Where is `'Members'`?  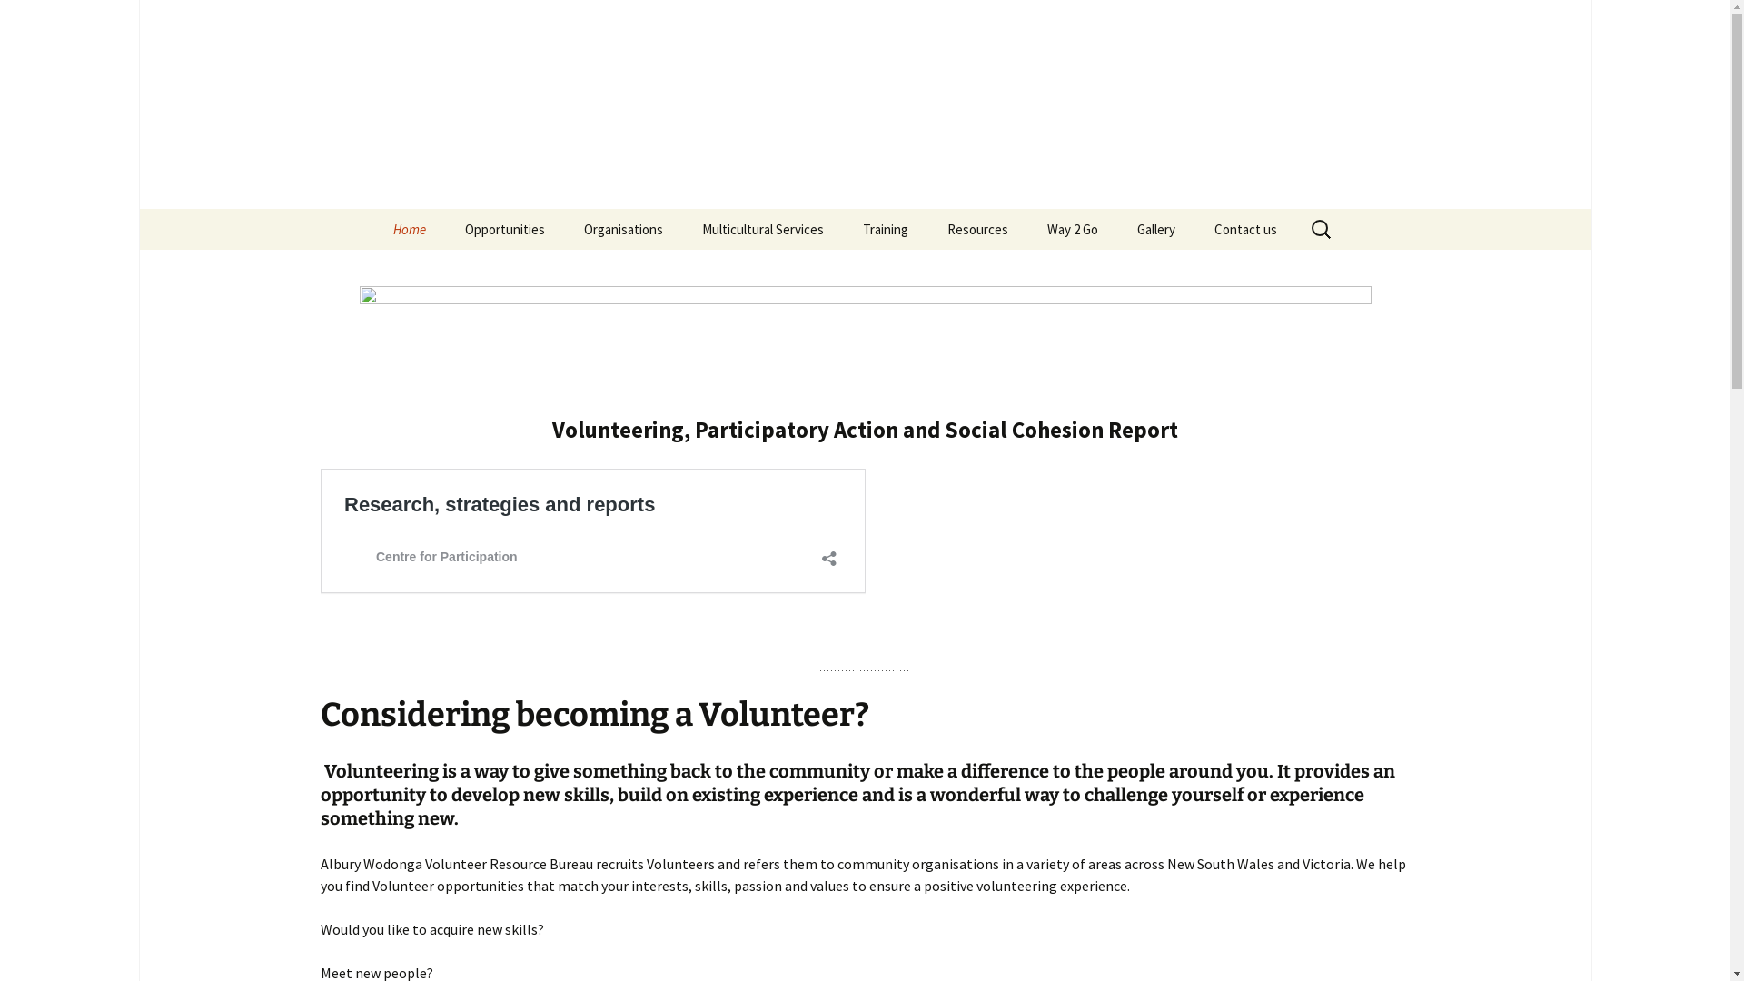 'Members' is located at coordinates (564, 270).